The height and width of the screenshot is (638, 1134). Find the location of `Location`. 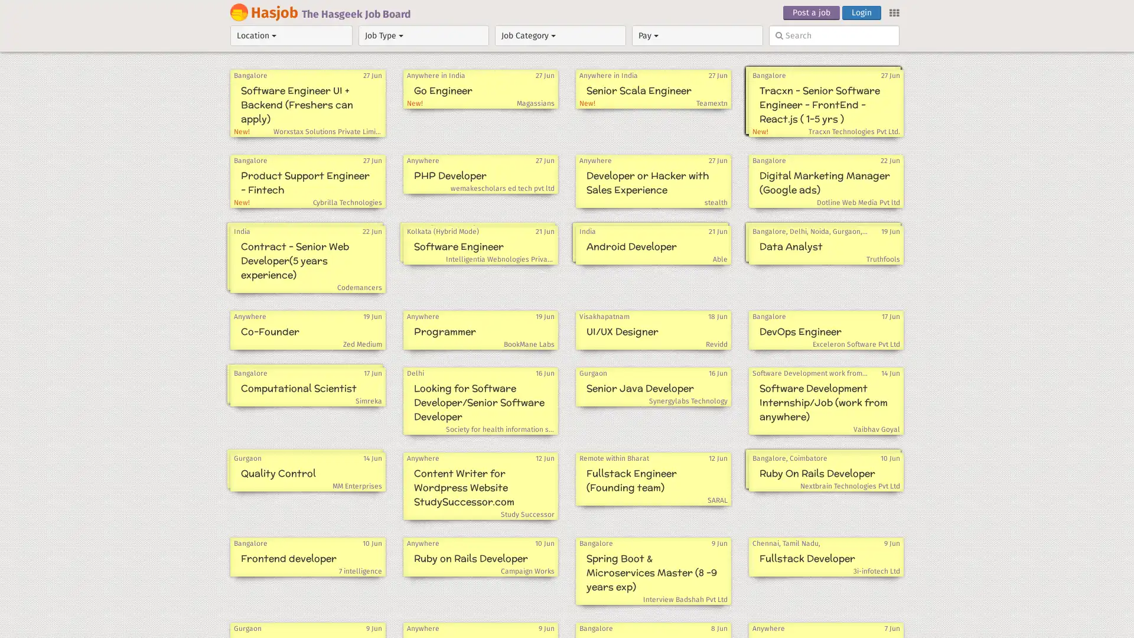

Location is located at coordinates (291, 35).